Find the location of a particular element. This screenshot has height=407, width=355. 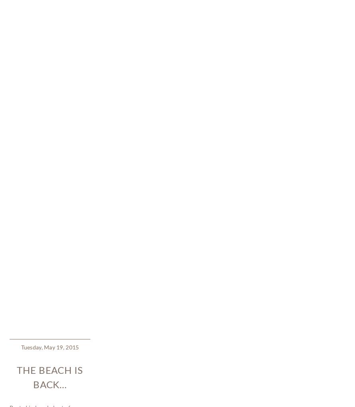

'Here’s to summer days ~ they’ll be here soon!' is located at coordinates (49, 320).